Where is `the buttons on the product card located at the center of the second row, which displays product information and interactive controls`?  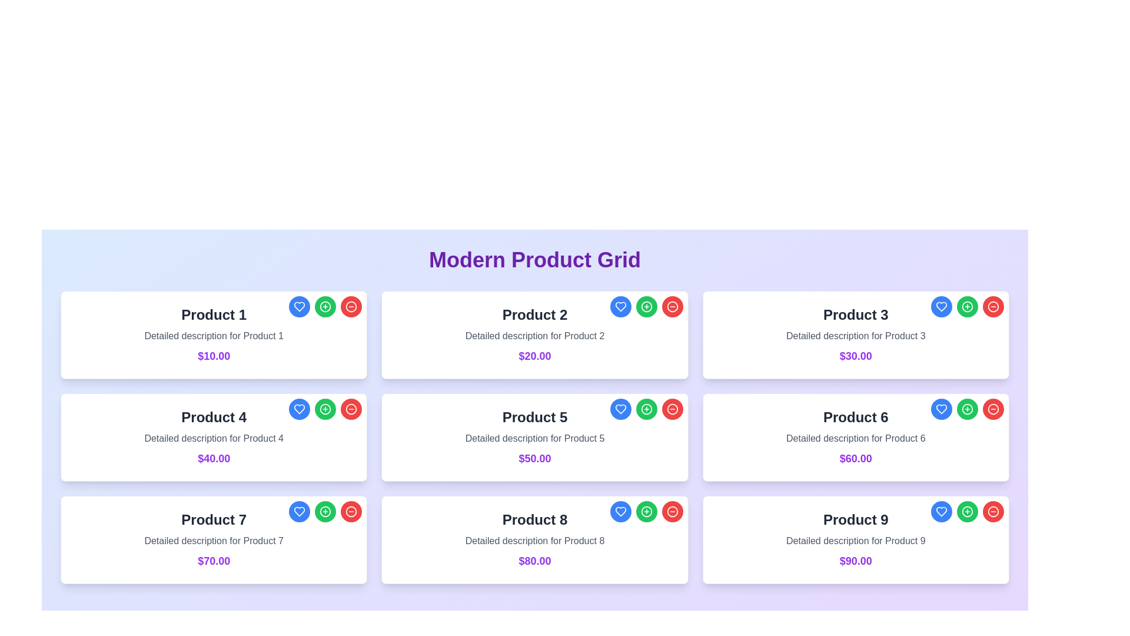 the buttons on the product card located at the center of the second row, which displays product information and interactive controls is located at coordinates (534, 438).